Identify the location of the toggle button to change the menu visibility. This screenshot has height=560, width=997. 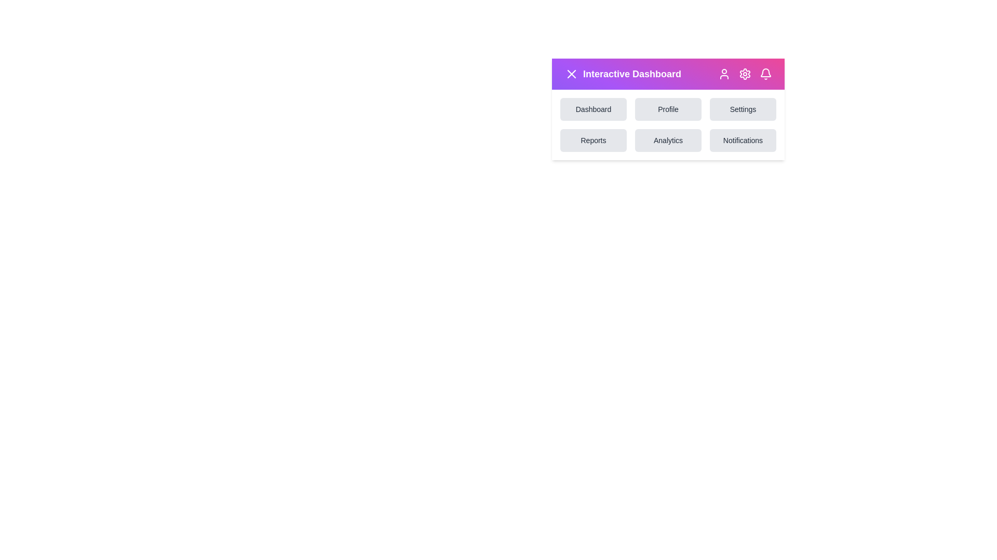
(571, 73).